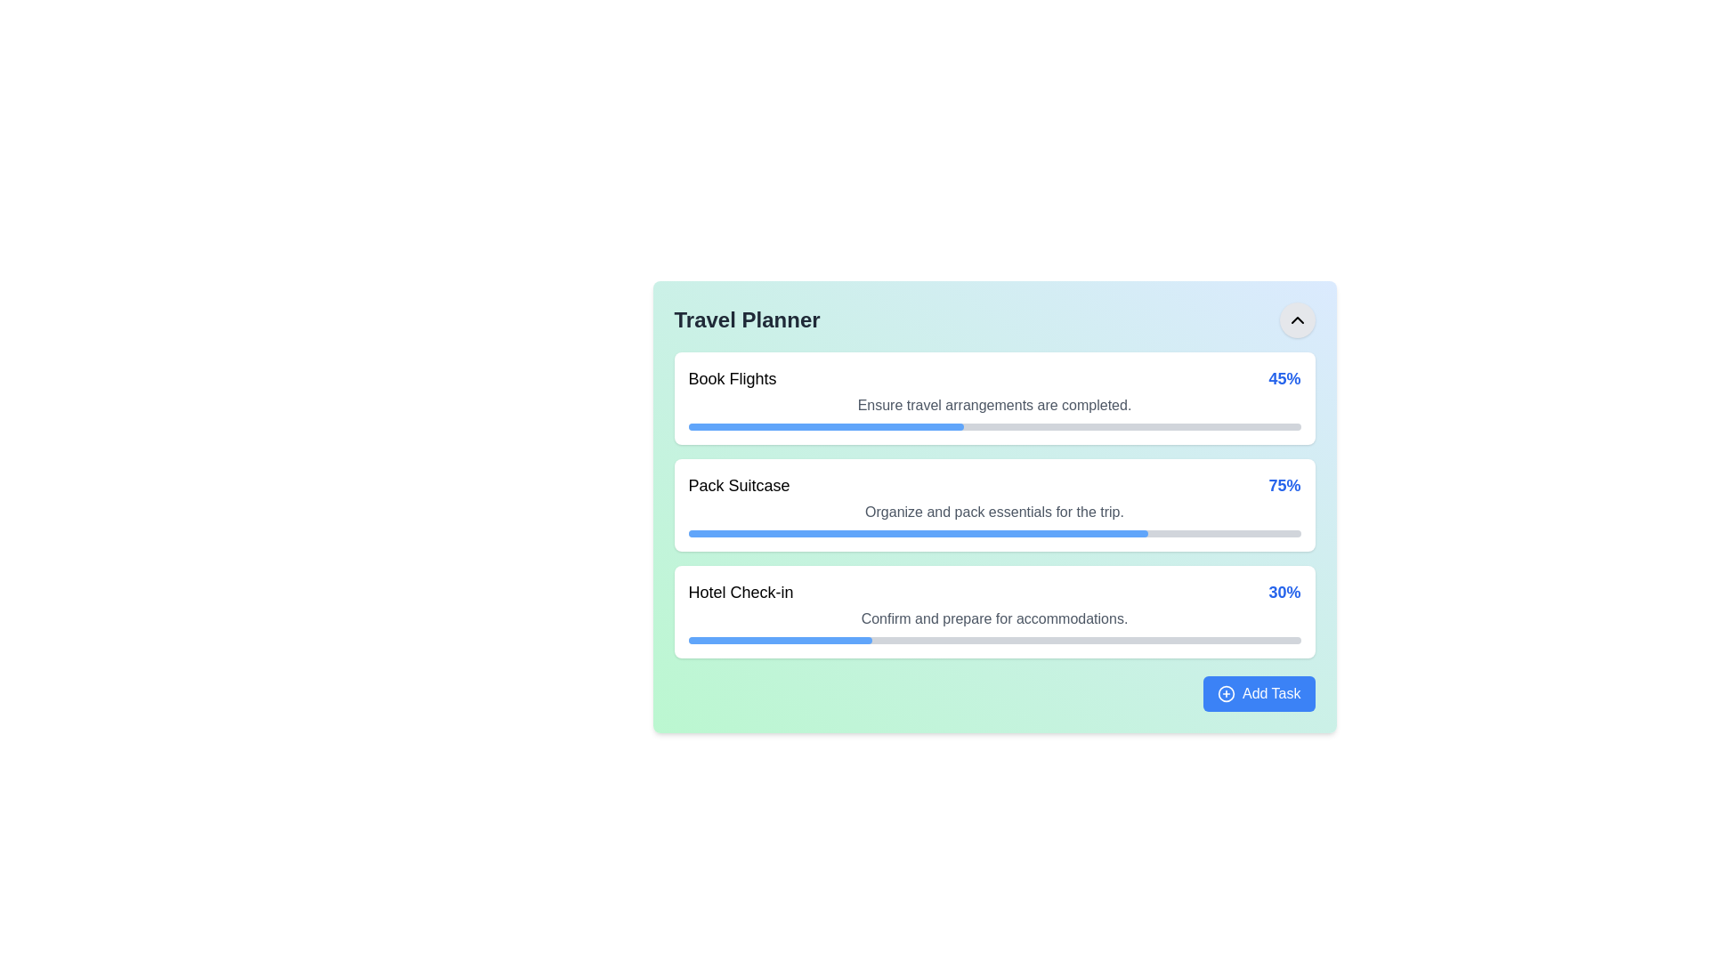 The image size is (1709, 961). I want to click on the upward-pointing chevron arrow button located in the top-right corner of the main card interface, so click(1297, 319).